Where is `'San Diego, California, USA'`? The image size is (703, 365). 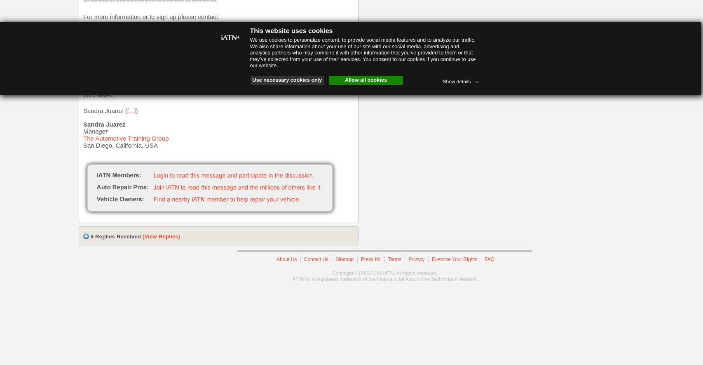
'San Diego, California, USA' is located at coordinates (120, 145).